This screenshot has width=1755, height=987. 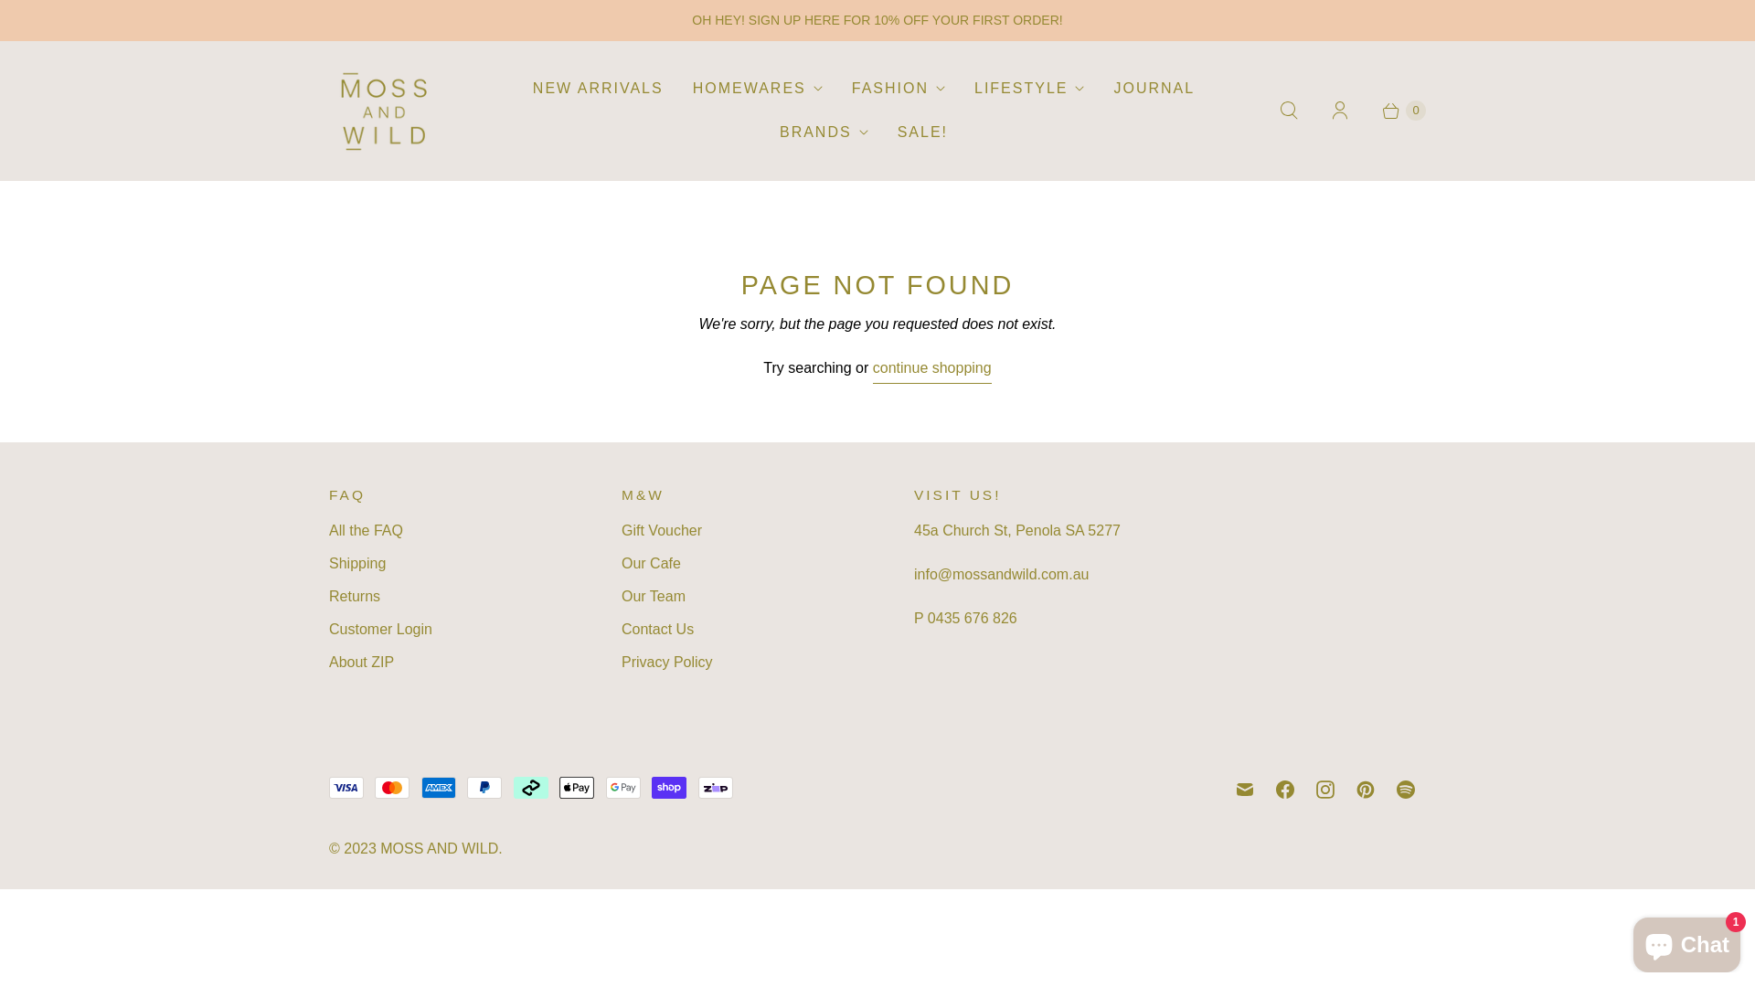 What do you see at coordinates (1365, 110) in the screenshot?
I see `'0'` at bounding box center [1365, 110].